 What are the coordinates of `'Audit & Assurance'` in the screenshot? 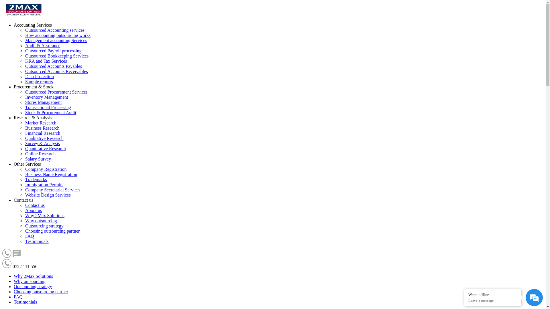 It's located at (42, 45).